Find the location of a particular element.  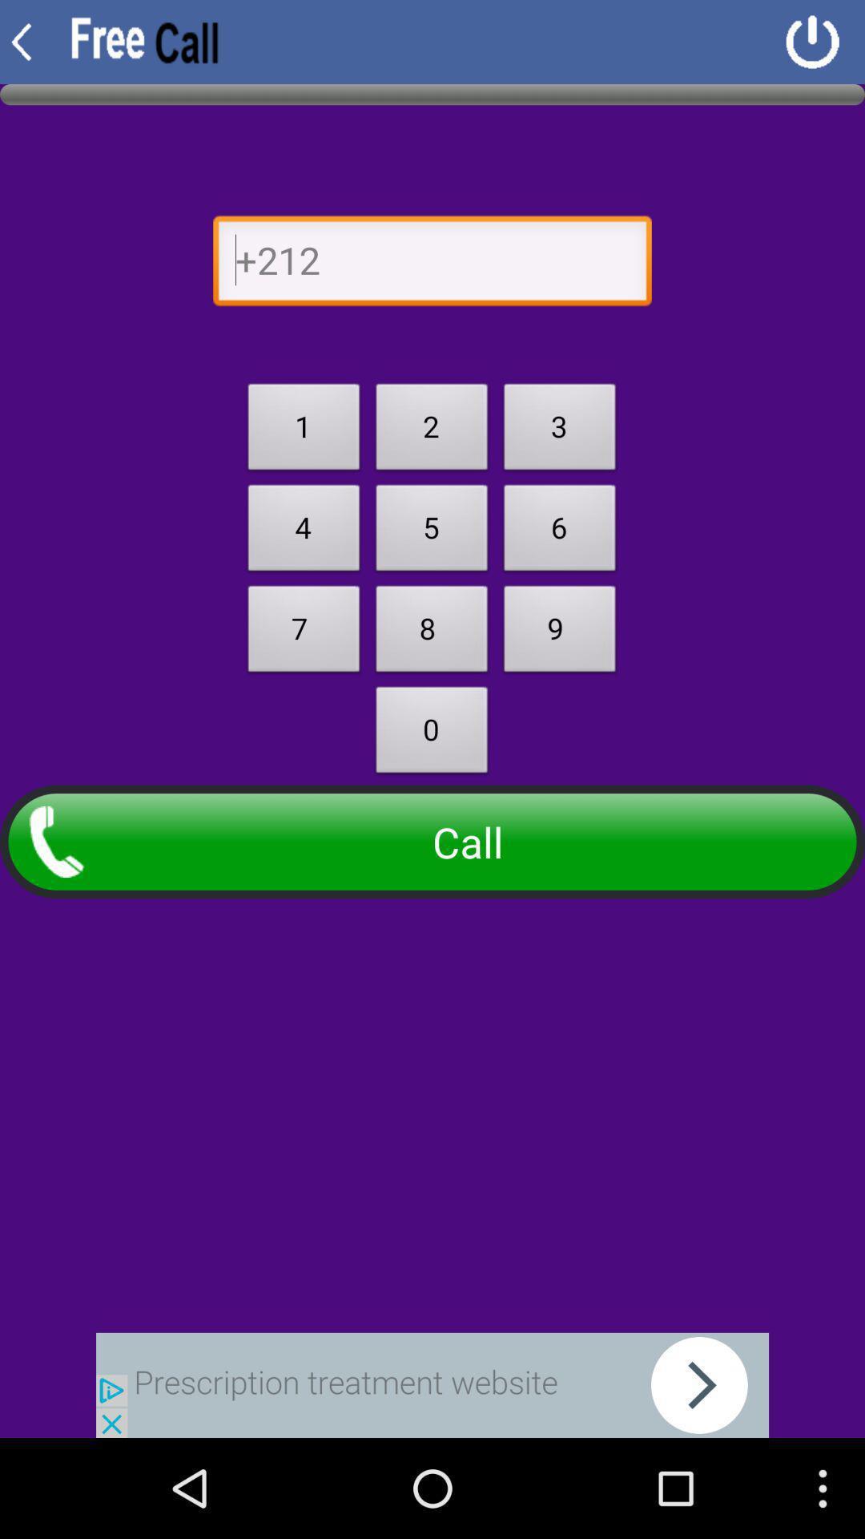

shut down app is located at coordinates (812, 42).